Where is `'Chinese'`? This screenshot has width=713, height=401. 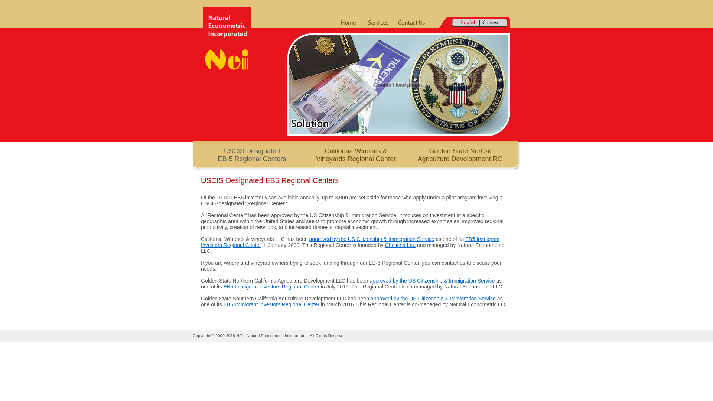 'Chinese' is located at coordinates (491, 22).